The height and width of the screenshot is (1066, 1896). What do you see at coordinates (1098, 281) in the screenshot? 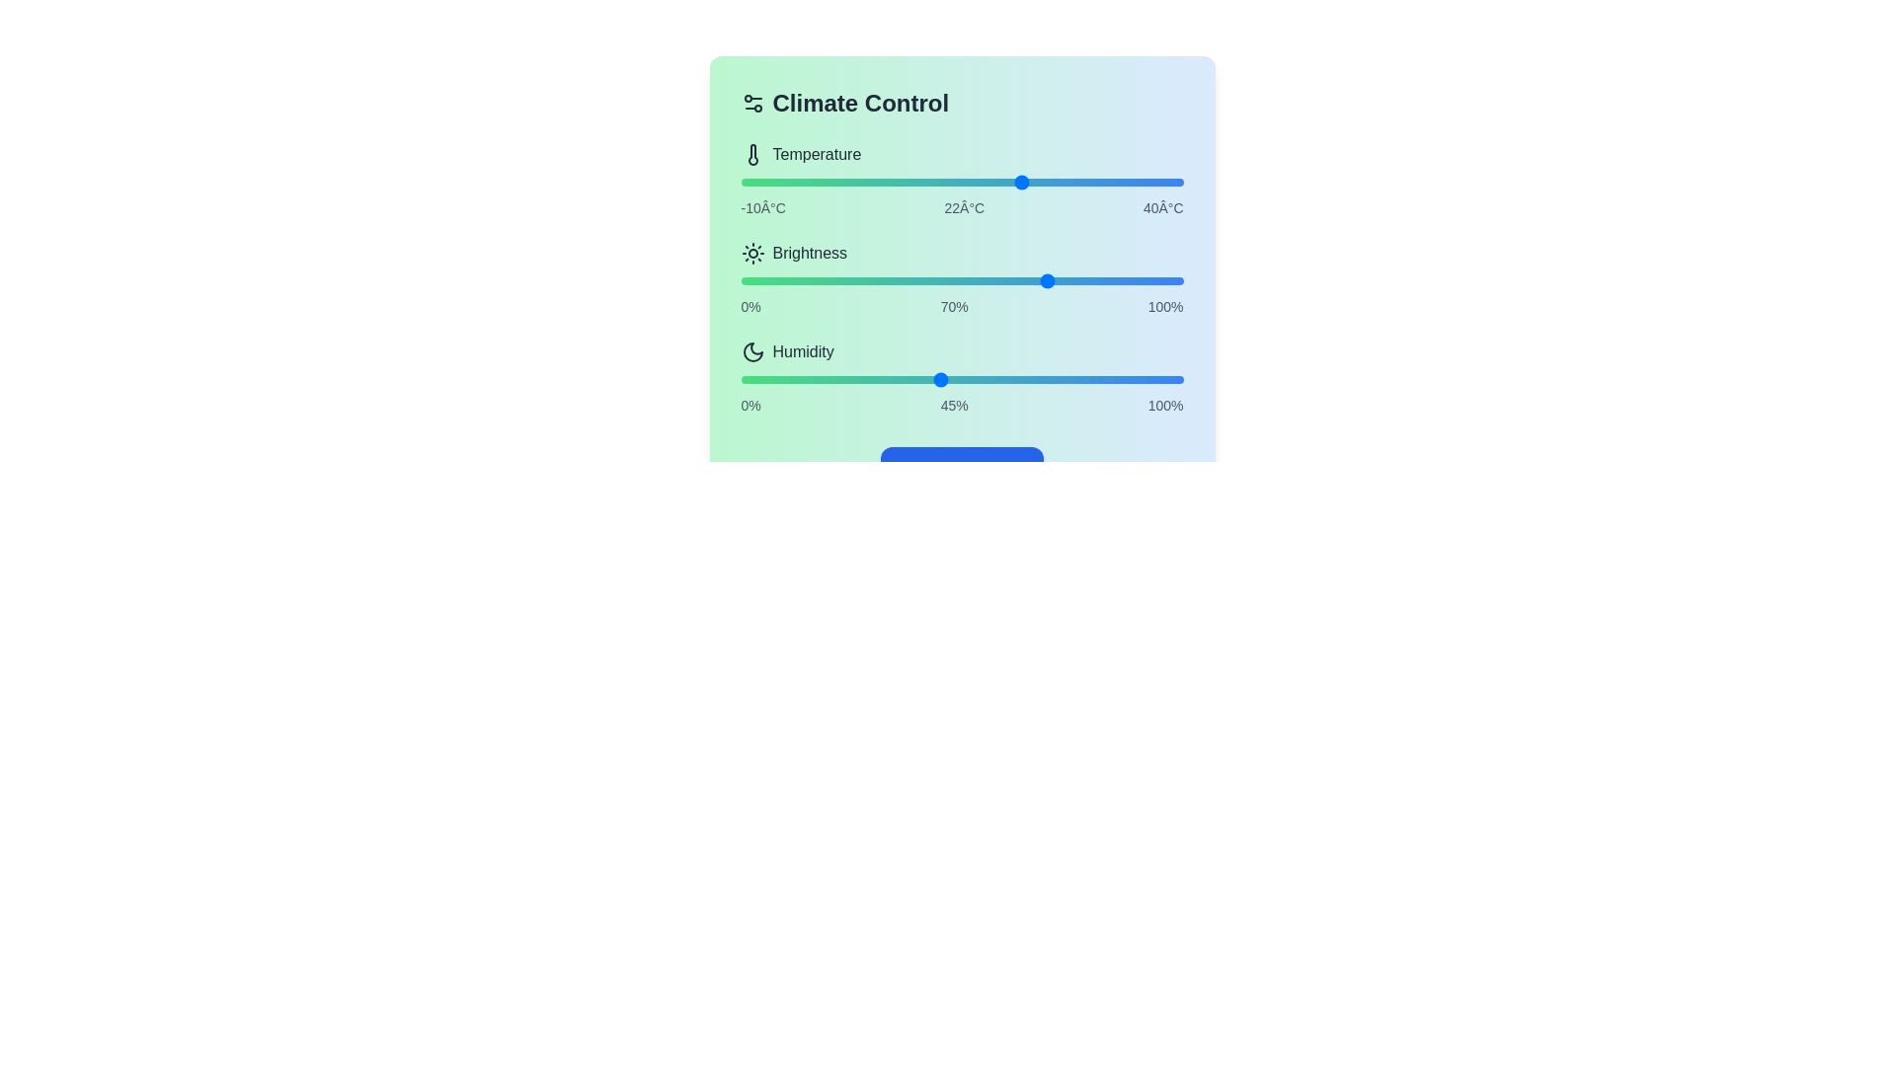
I see `the brightness level` at bounding box center [1098, 281].